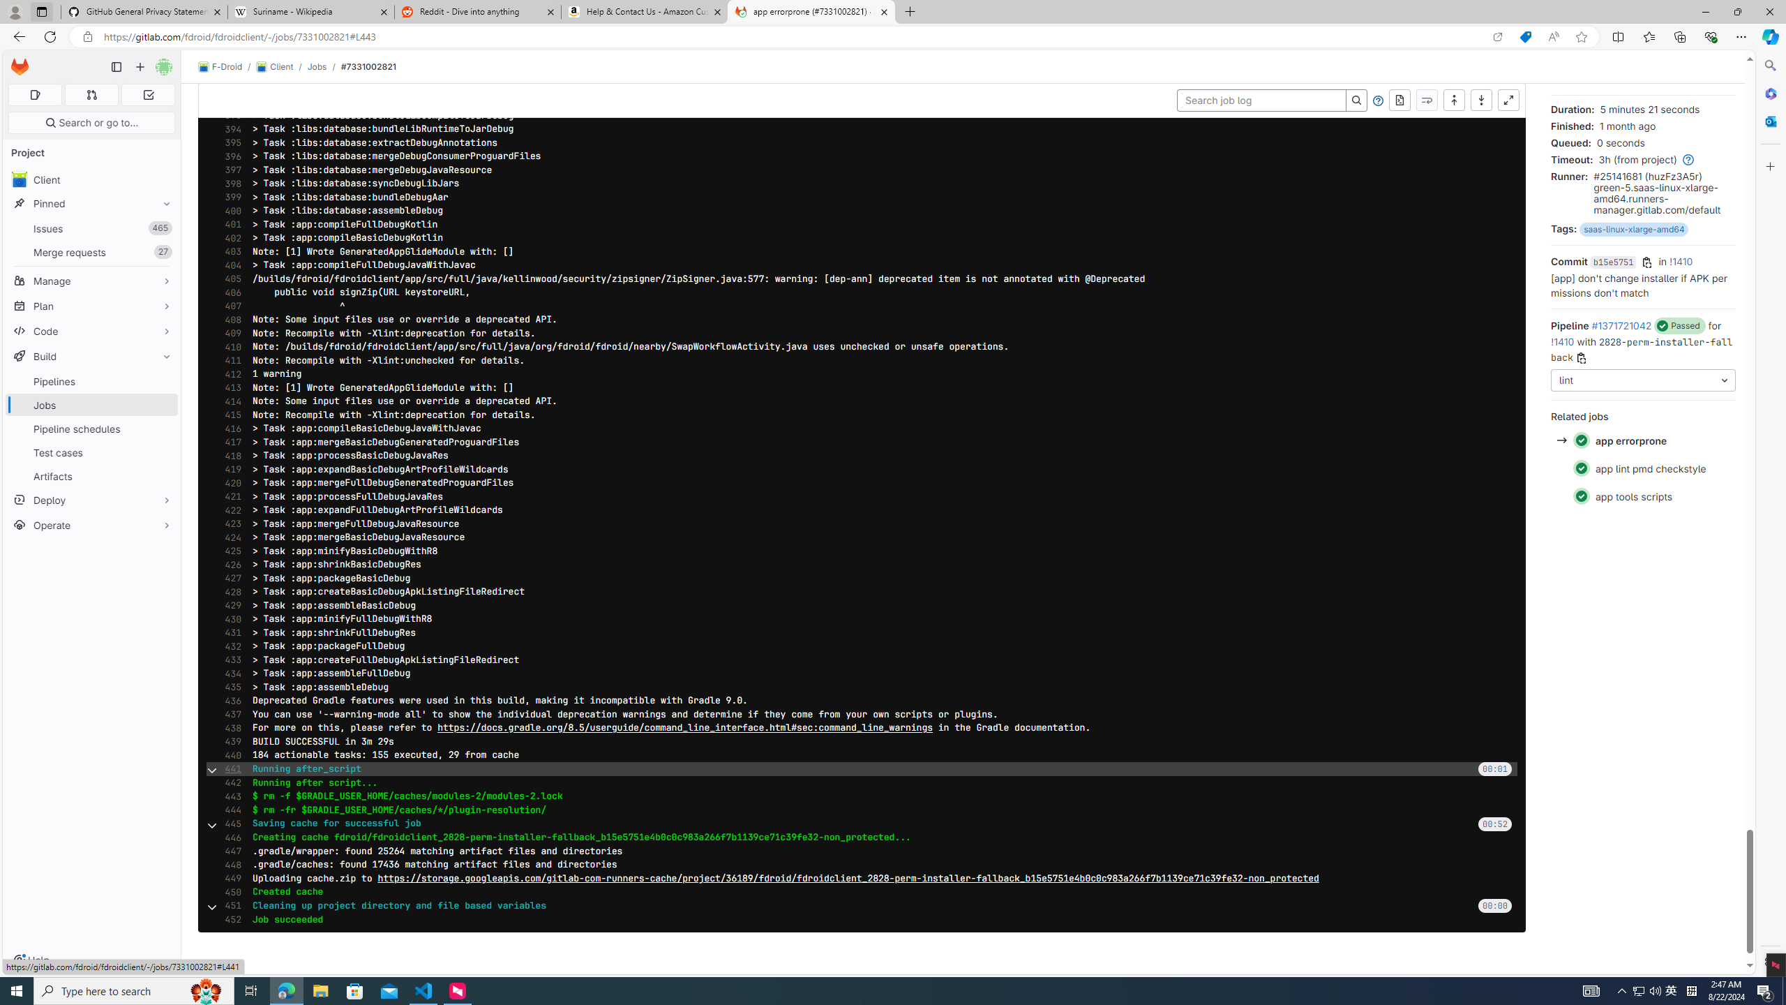 This screenshot has height=1005, width=1786. What do you see at coordinates (228, 606) in the screenshot?
I see `'429'` at bounding box center [228, 606].